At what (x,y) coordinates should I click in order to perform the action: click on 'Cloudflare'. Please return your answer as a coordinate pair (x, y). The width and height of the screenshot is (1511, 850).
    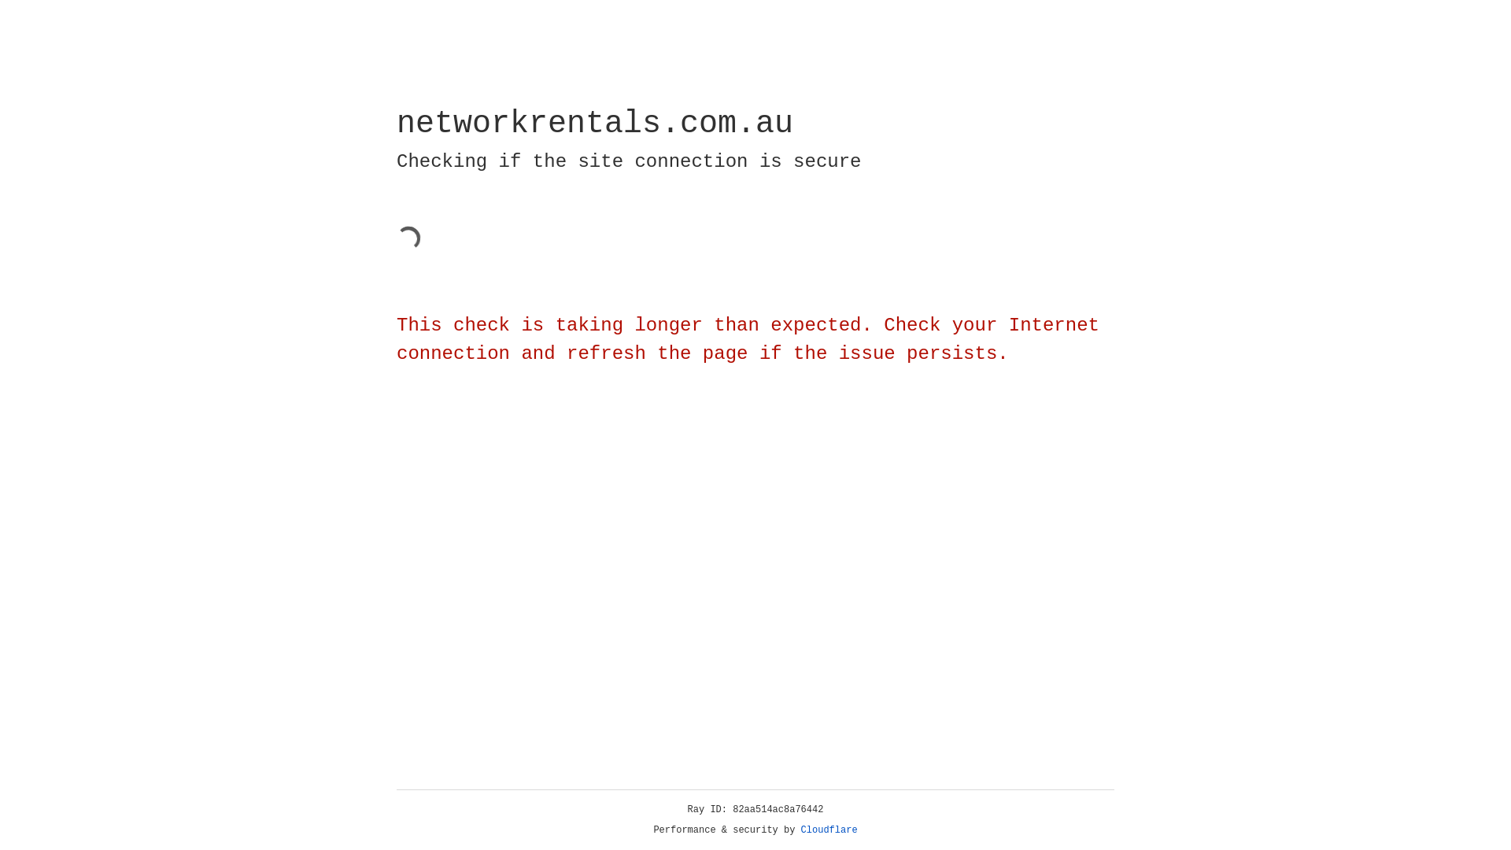
    Looking at the image, I should click on (829, 830).